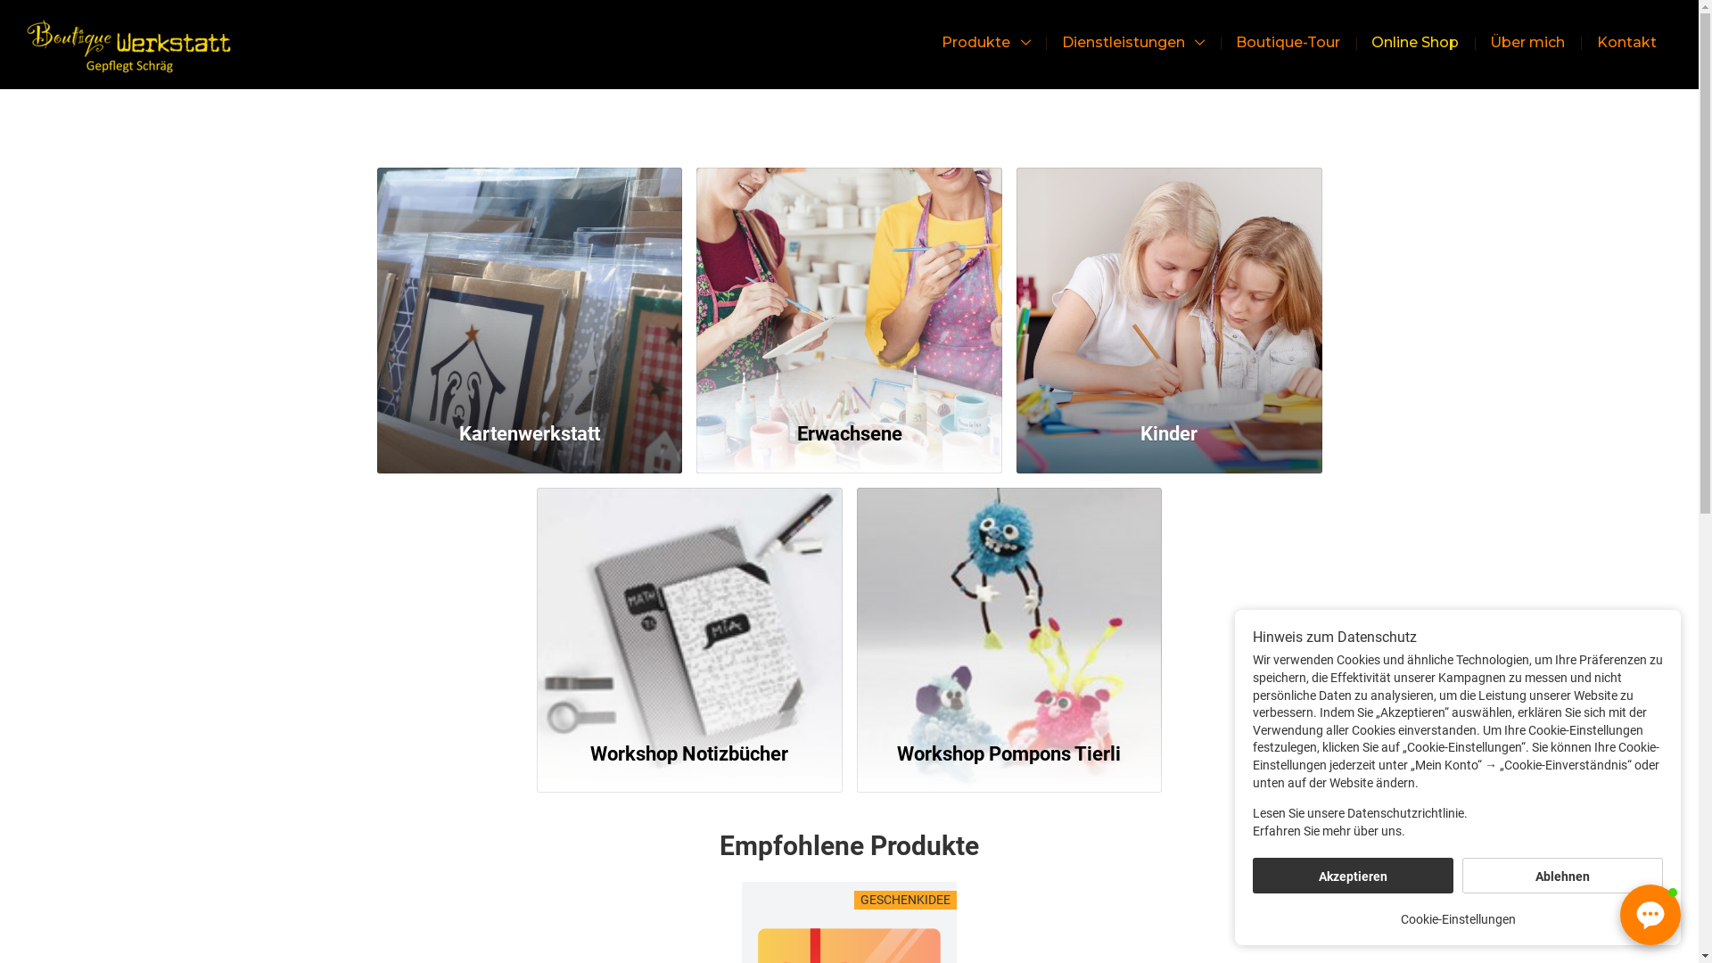  I want to click on 'Erwachsene', so click(848, 284).